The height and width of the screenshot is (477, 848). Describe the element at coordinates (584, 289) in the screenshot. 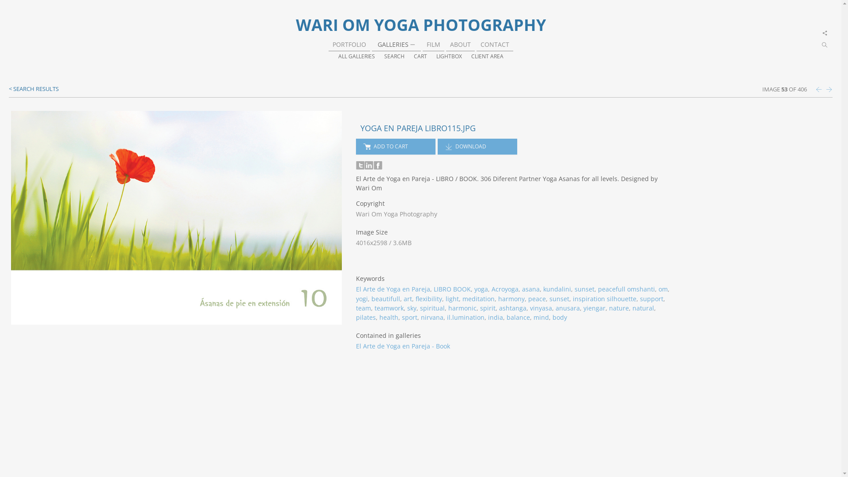

I see `'sunset'` at that location.